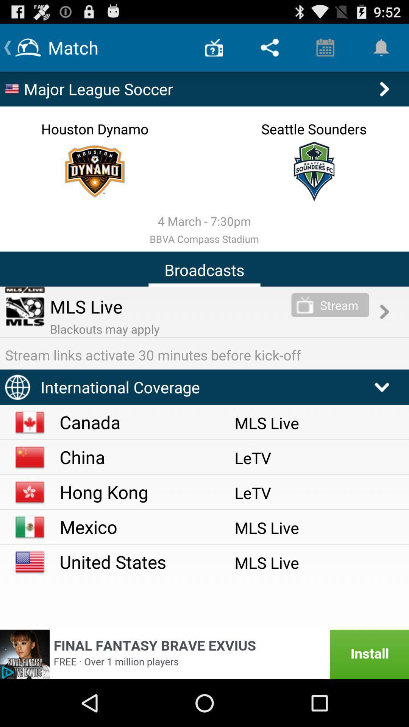 Image resolution: width=409 pixels, height=727 pixels. Describe the element at coordinates (214, 47) in the screenshot. I see `icon to the right of the match app` at that location.